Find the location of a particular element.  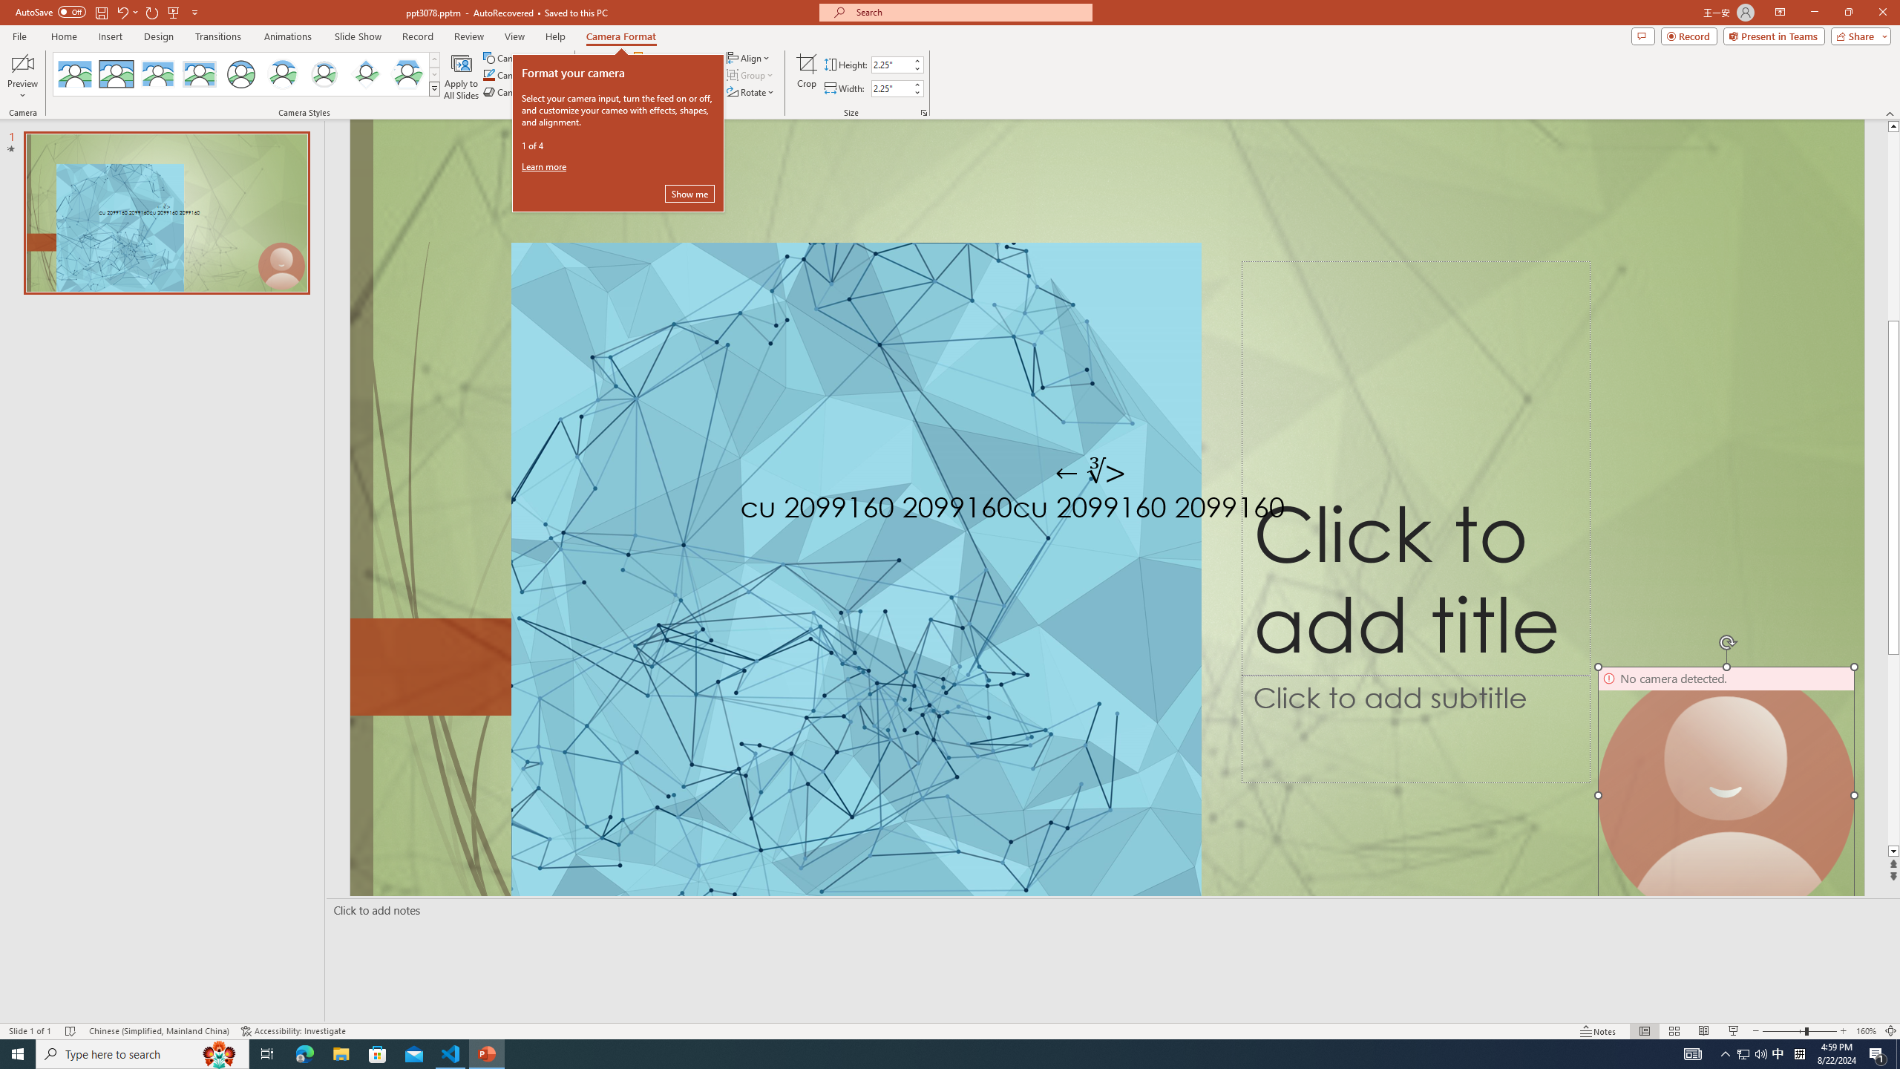

'AutomationID: CameoStylesGallery' is located at coordinates (246, 73).